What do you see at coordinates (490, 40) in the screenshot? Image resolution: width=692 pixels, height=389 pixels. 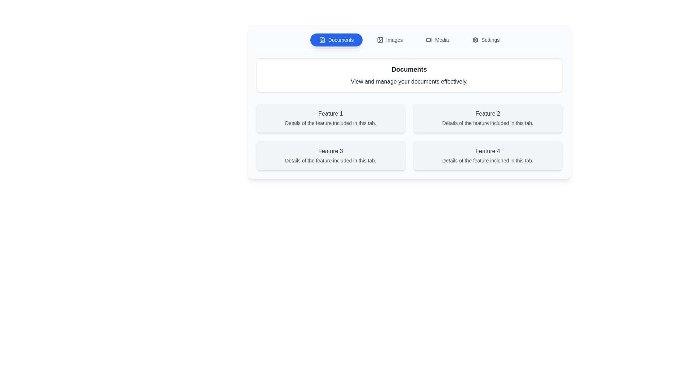 I see `text label displaying 'Settings' which is located near the upper-right corner of the navigation bar, to the right of a gear icon` at bounding box center [490, 40].